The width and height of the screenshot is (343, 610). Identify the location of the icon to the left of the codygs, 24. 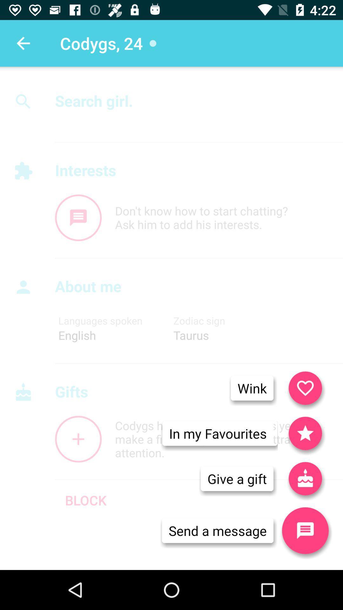
(23, 43).